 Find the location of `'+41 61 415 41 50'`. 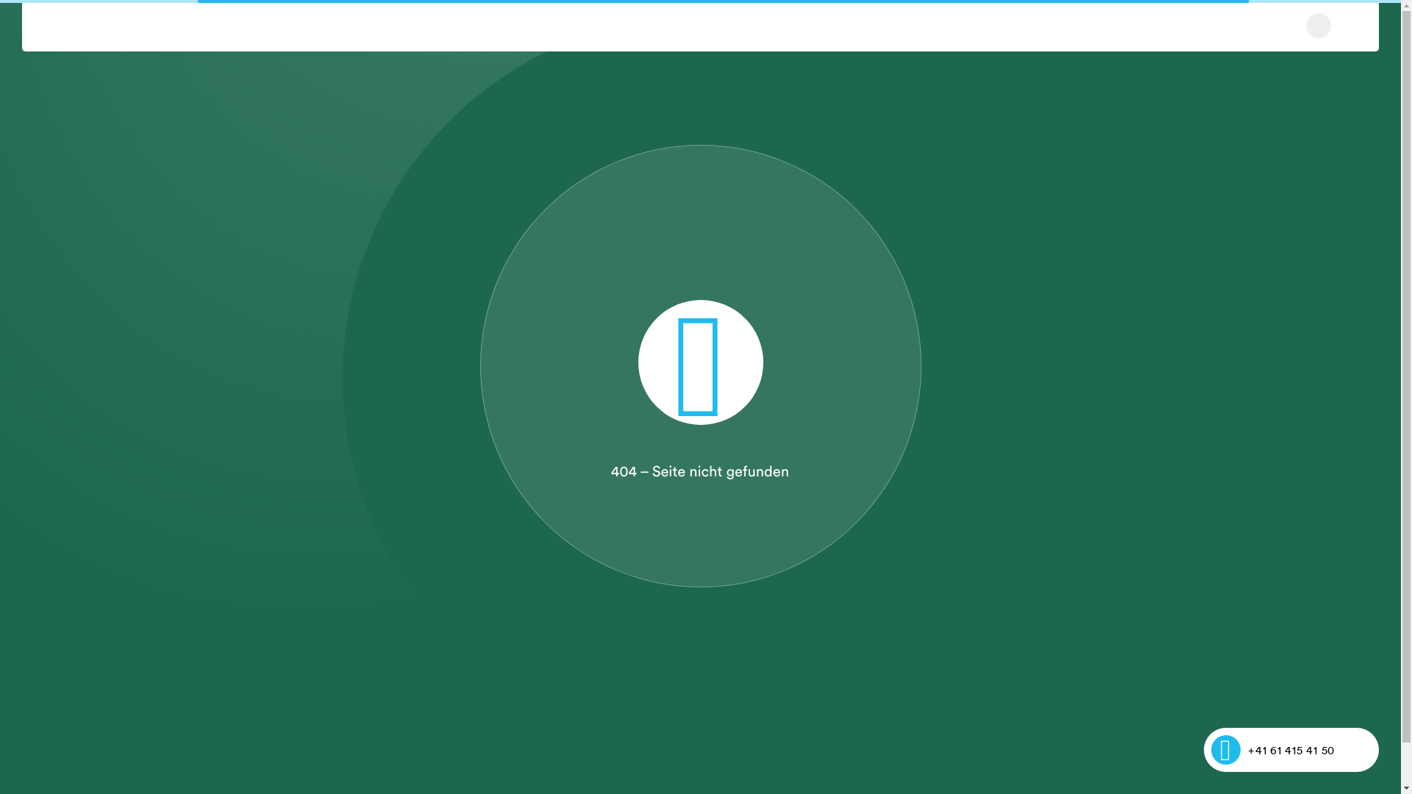

'+41 61 415 41 50' is located at coordinates (1291, 749).